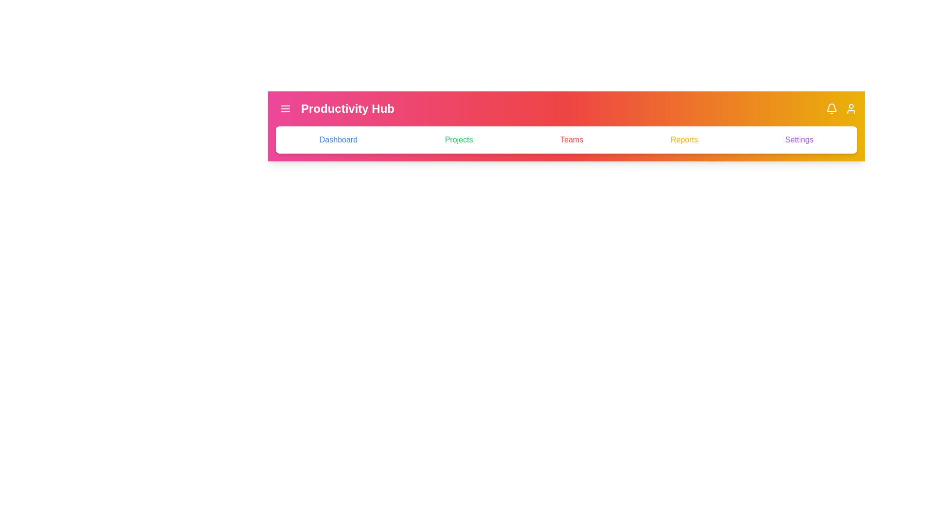 The height and width of the screenshot is (525, 934). What do you see at coordinates (458, 140) in the screenshot?
I see `the tab named Projects` at bounding box center [458, 140].